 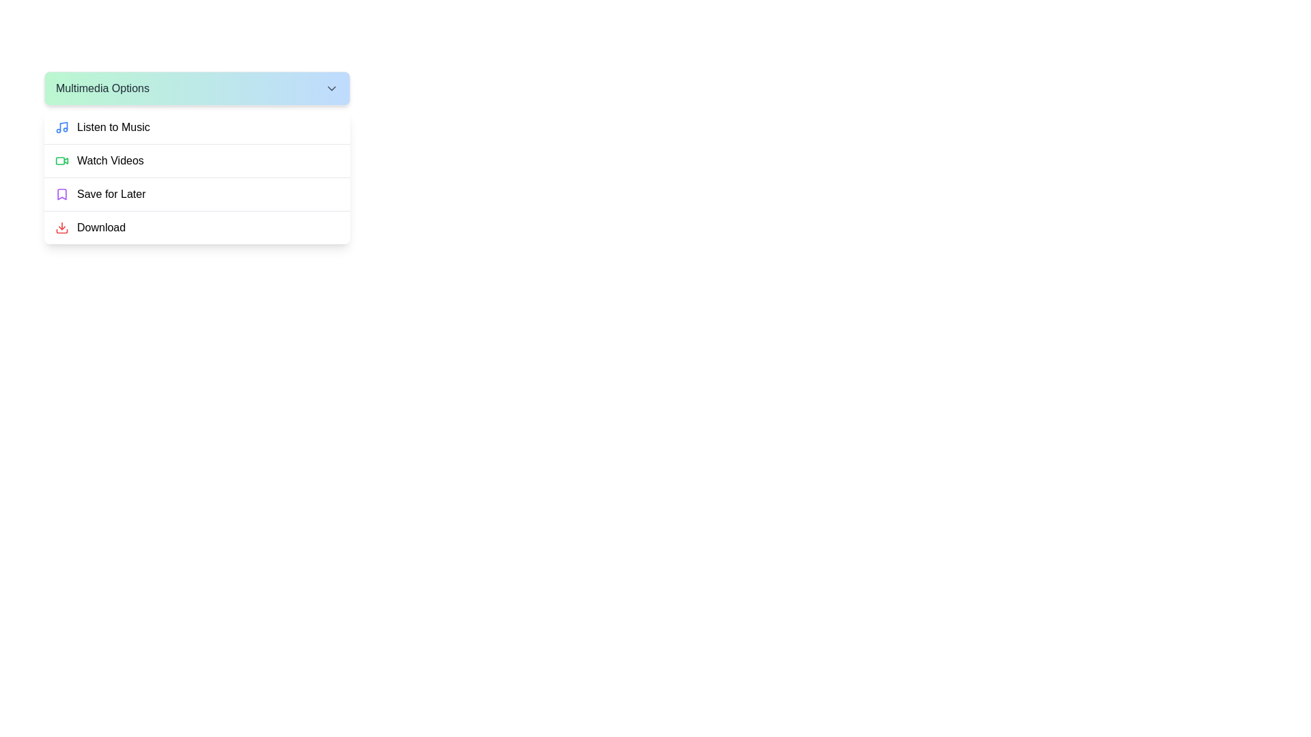 What do you see at coordinates (196, 226) in the screenshot?
I see `the download button located as the fourth item in the 'Multimedia Options' dropdown menu` at bounding box center [196, 226].